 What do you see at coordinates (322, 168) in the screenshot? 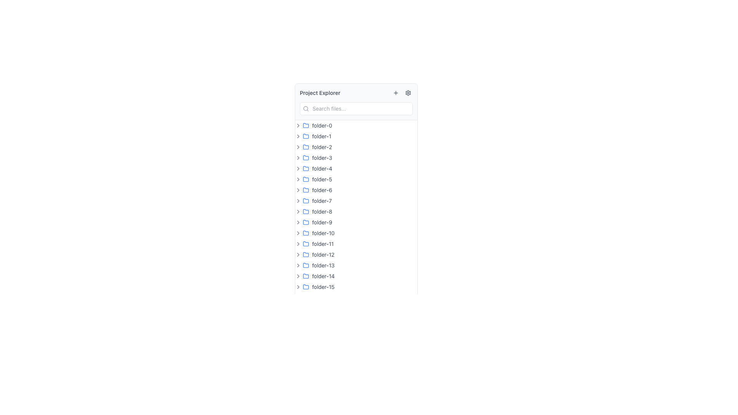
I see `the text label displaying 'folder-4' in gray color, which is the fifth item in the 'Project Explorer' list` at bounding box center [322, 168].